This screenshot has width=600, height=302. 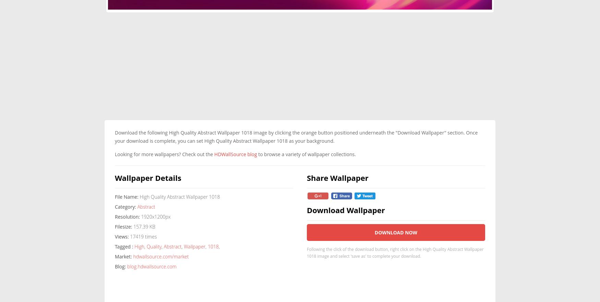 What do you see at coordinates (306, 154) in the screenshot?
I see `'to browse a variety of wallpaper collections.'` at bounding box center [306, 154].